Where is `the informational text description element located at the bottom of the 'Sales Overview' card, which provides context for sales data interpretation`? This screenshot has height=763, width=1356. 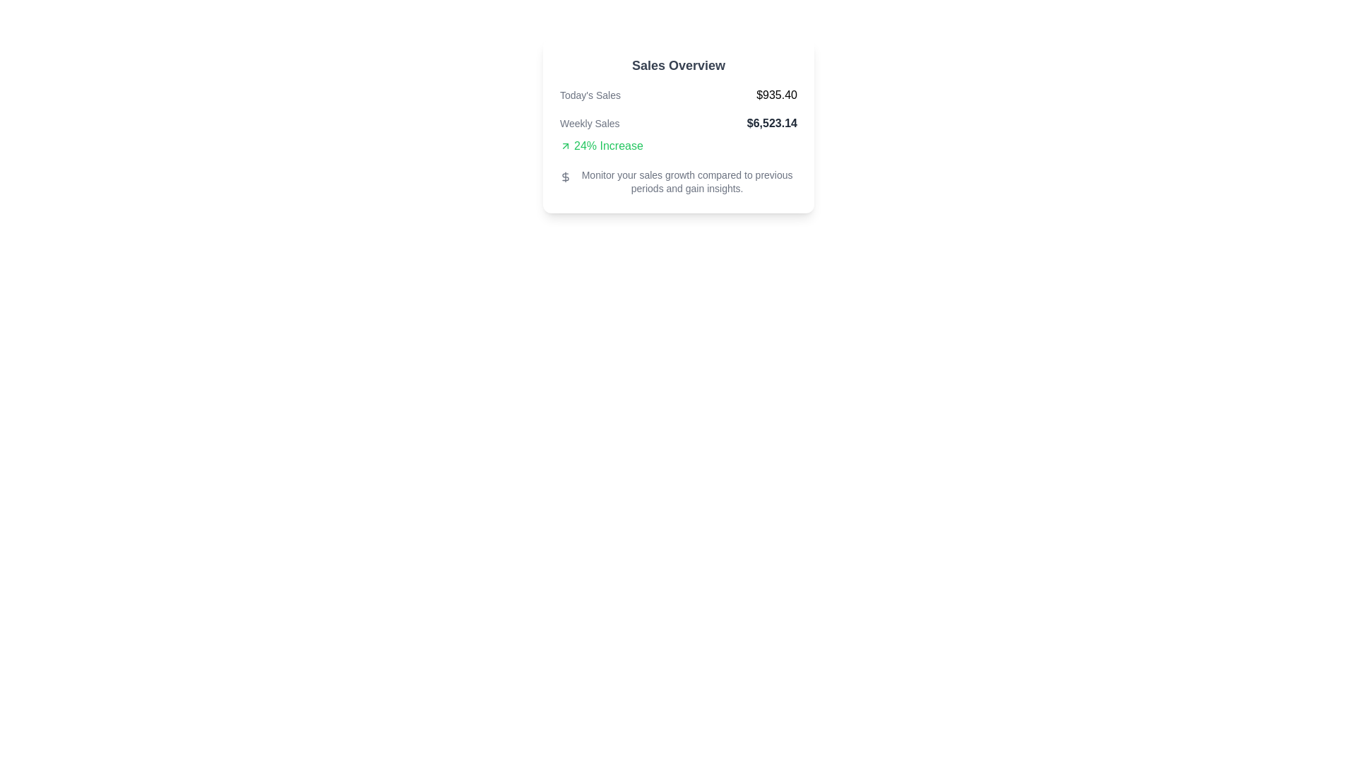 the informational text description element located at the bottom of the 'Sales Overview' card, which provides context for sales data interpretation is located at coordinates (678, 182).